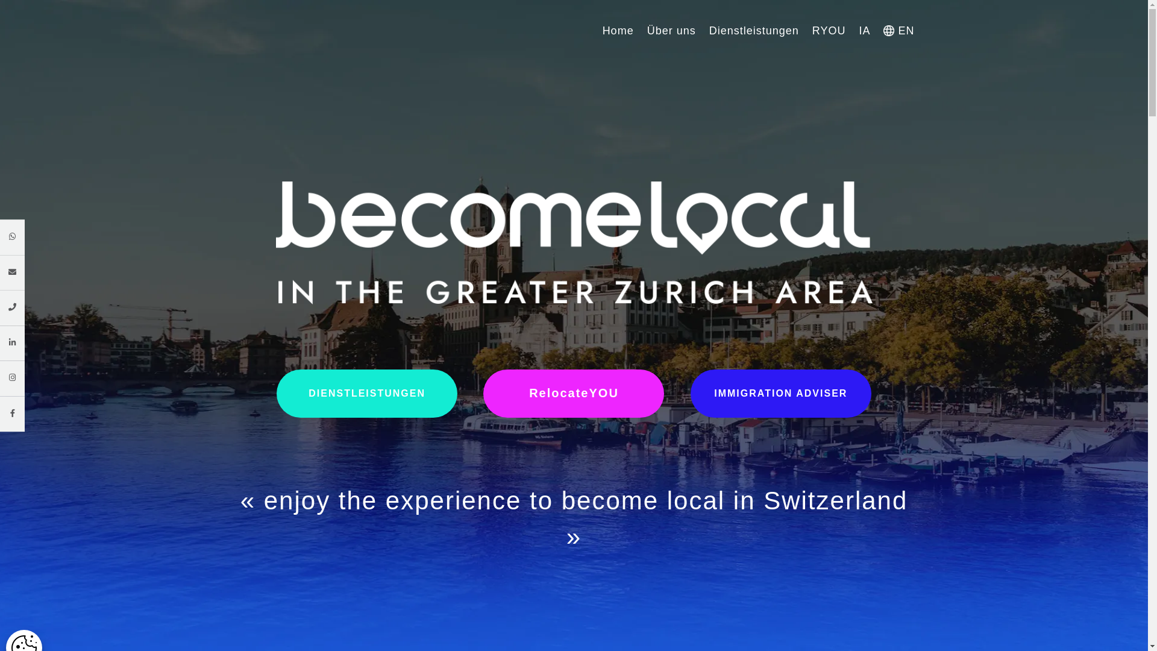 The height and width of the screenshot is (651, 1157). What do you see at coordinates (366, 393) in the screenshot?
I see `'DIENSTLEISTUNGEN'` at bounding box center [366, 393].